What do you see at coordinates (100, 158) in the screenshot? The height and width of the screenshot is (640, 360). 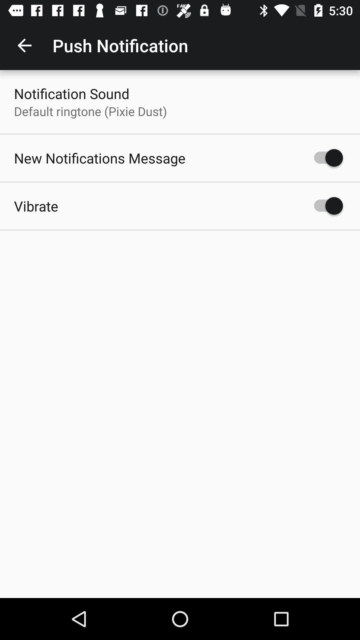 I see `new notifications message icon` at bounding box center [100, 158].